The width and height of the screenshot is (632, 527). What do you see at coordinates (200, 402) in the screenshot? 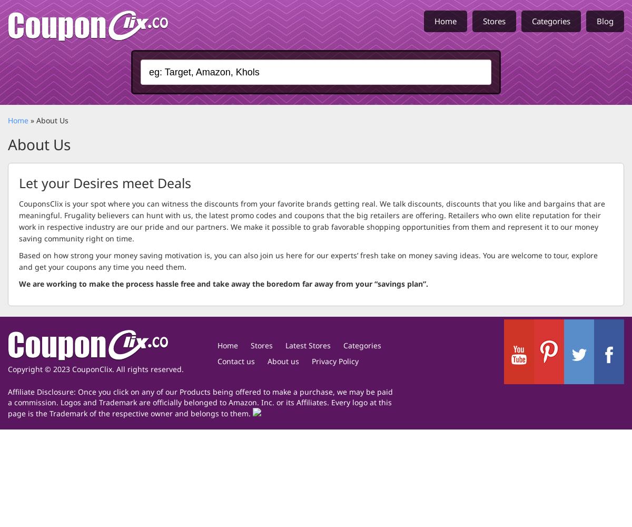
I see `'Affiliate Disclosure: Once you click on any of our Products being offered to make a purchase, we may be paid a commission. Logos and Trademark are officially belonged to Amazon. Inc. or its Affiliates. Every logo at this page is the Trademark of the respective owner and belongs to them.'` at bounding box center [200, 402].